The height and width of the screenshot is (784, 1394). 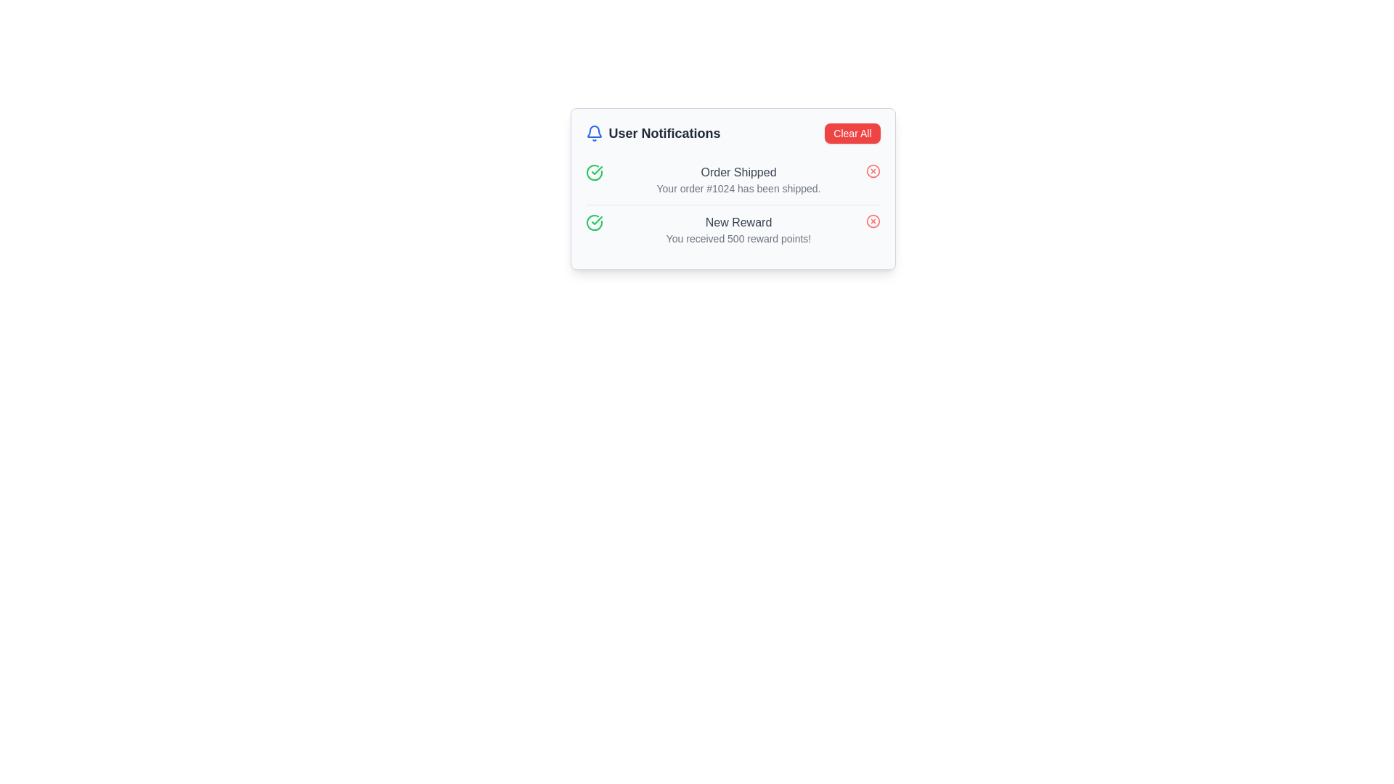 I want to click on the blue bell-shaped notification icon located to the left of the 'User Notifications' text in the notification panel, so click(x=594, y=134).